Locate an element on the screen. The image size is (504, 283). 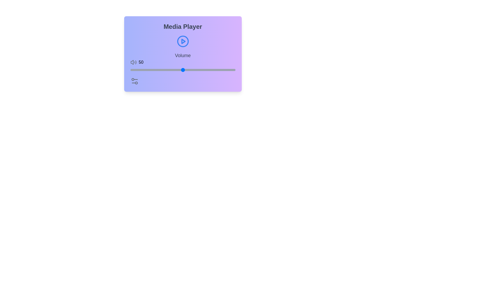
the volume level is located at coordinates (151, 69).